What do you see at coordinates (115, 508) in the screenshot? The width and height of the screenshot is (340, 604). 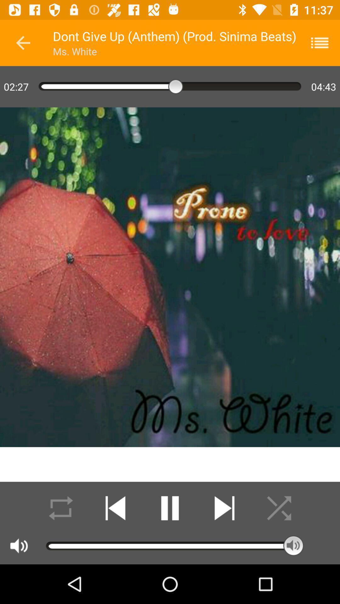 I see `rewind song` at bounding box center [115, 508].